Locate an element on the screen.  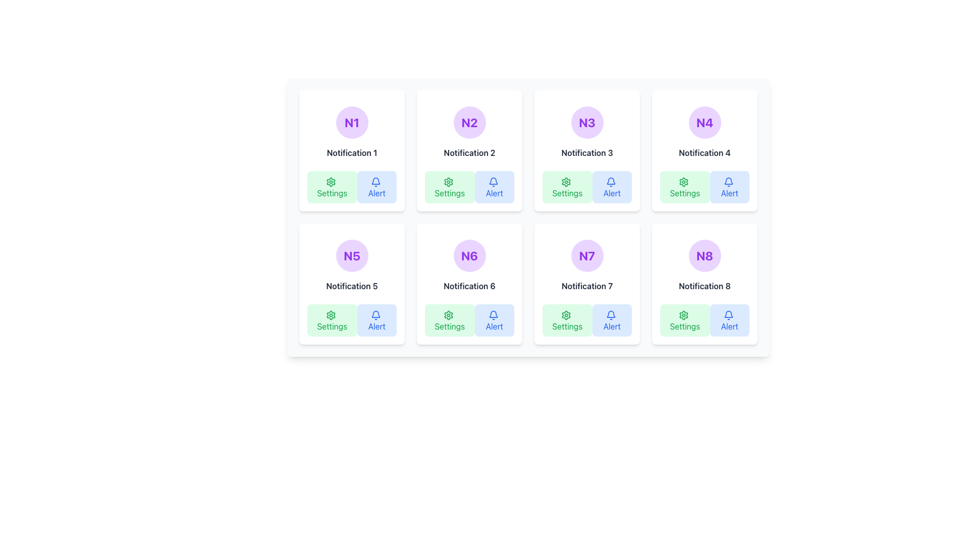
the alert button located to the right of the 'Settings' button within the 'Notification 4' card is located at coordinates (729, 187).